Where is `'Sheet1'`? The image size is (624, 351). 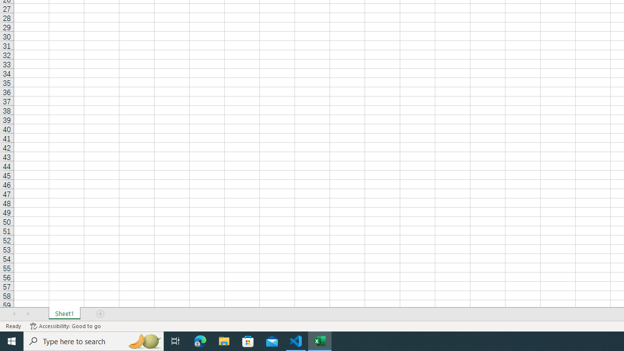
'Sheet1' is located at coordinates (64, 314).